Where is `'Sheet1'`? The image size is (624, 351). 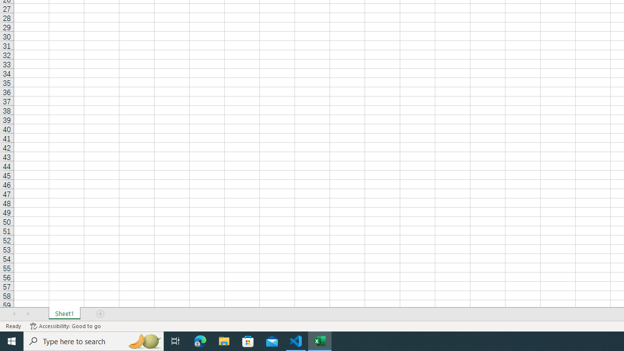
'Sheet1' is located at coordinates (64, 314).